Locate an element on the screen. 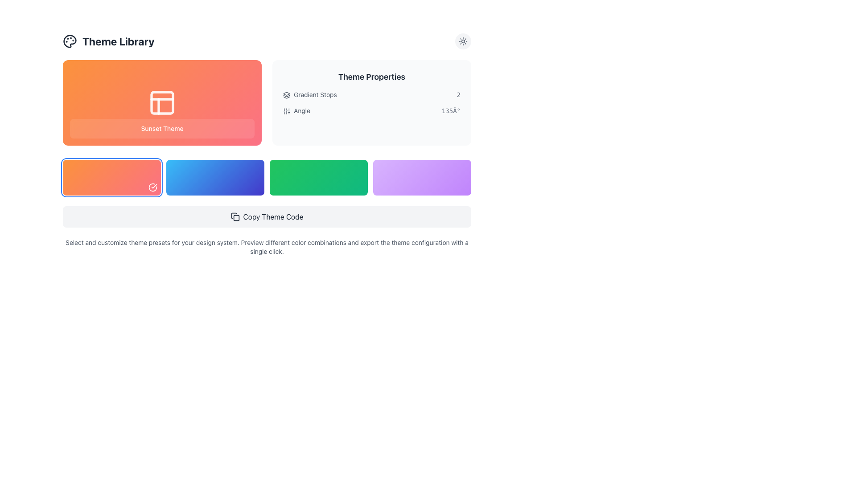 The height and width of the screenshot is (481, 856). the 'Sunset Theme' card located at the top-left of the theme card grid is located at coordinates (162, 102).